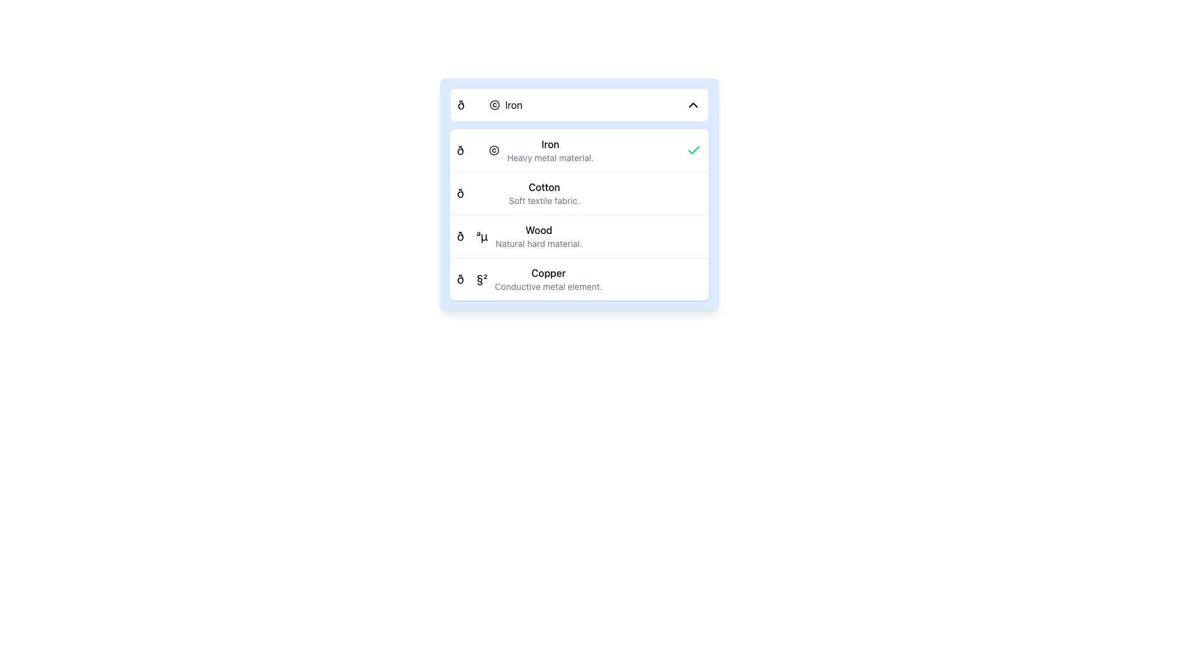 This screenshot has height=672, width=1195. Describe the element at coordinates (578, 278) in the screenshot. I see `the fourth list item representing 'Copper' in the selectable list` at that location.